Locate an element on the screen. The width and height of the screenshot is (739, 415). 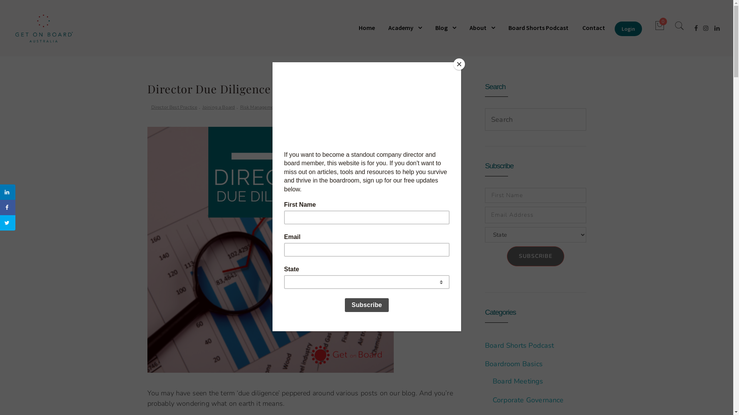
'Blog' is located at coordinates (445, 27).